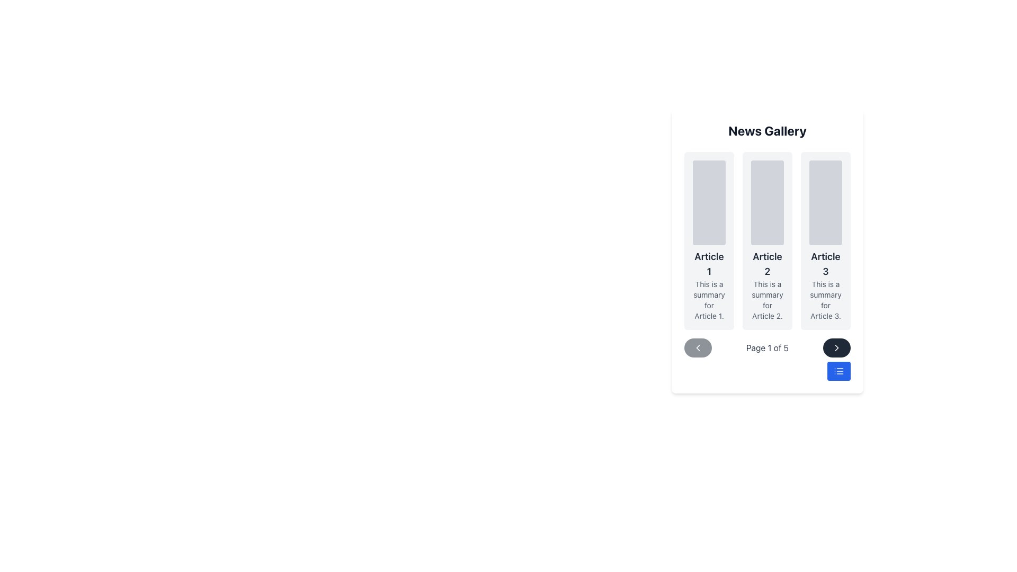 The width and height of the screenshot is (1017, 572). Describe the element at coordinates (768, 347) in the screenshot. I see `the label displaying 'Page 1 of 5', which is located centrally between two circular buttons with arrow icons, at the bottom of the layout` at that location.